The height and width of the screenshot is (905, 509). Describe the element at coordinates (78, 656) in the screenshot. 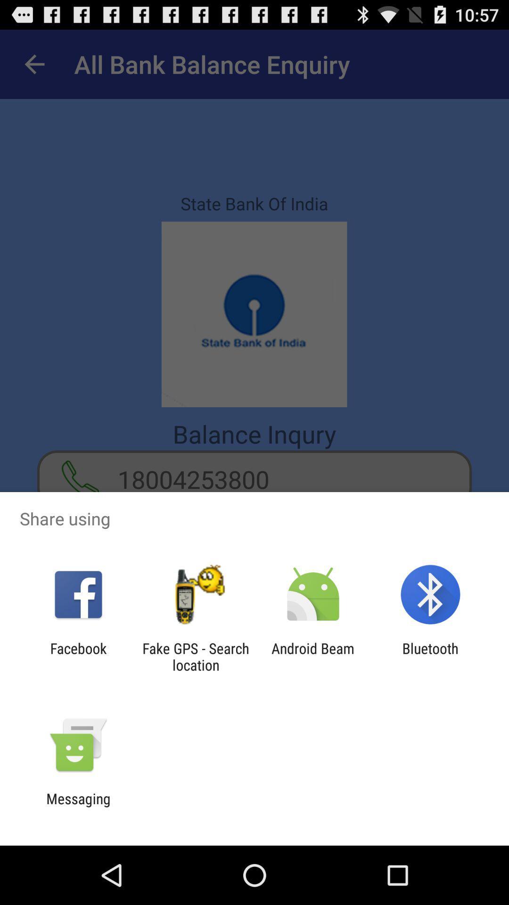

I see `app next to the fake gps search item` at that location.